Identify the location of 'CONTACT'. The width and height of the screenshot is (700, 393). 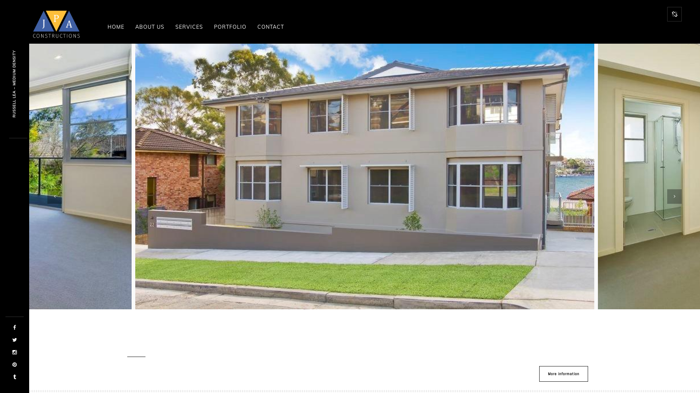
(270, 26).